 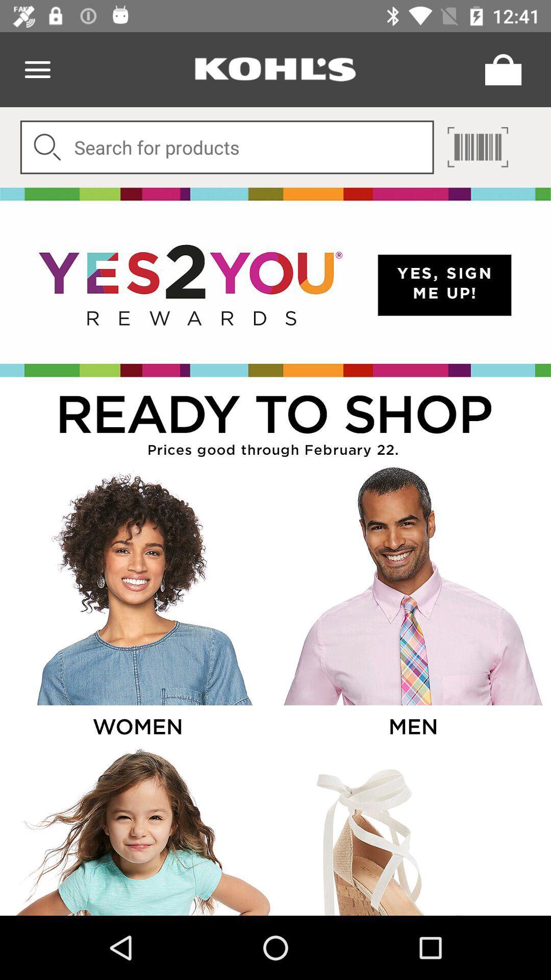 I want to click on advertisement page, so click(x=275, y=282).